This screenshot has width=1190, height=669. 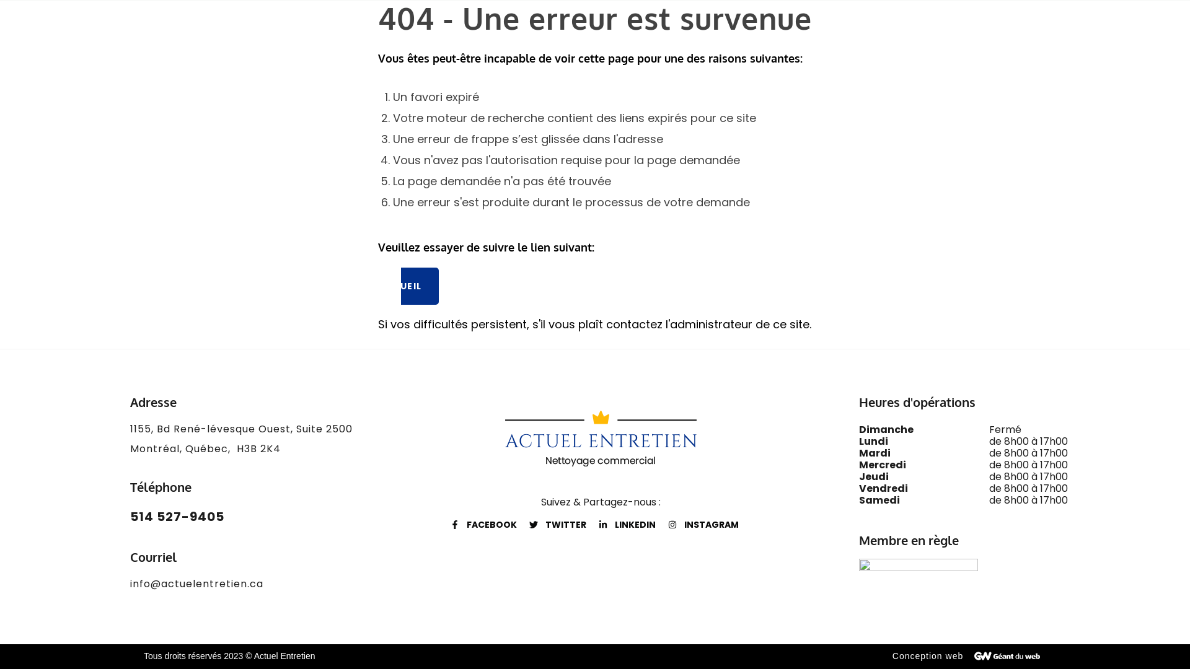 What do you see at coordinates (408, 286) in the screenshot?
I see `'ACCUEIL'` at bounding box center [408, 286].